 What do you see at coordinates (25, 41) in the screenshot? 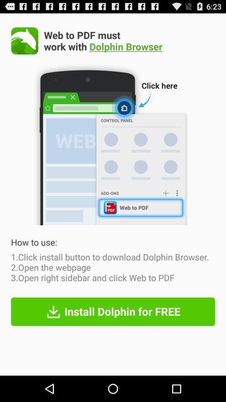
I see `the icon to the left of the web to pdf app` at bounding box center [25, 41].